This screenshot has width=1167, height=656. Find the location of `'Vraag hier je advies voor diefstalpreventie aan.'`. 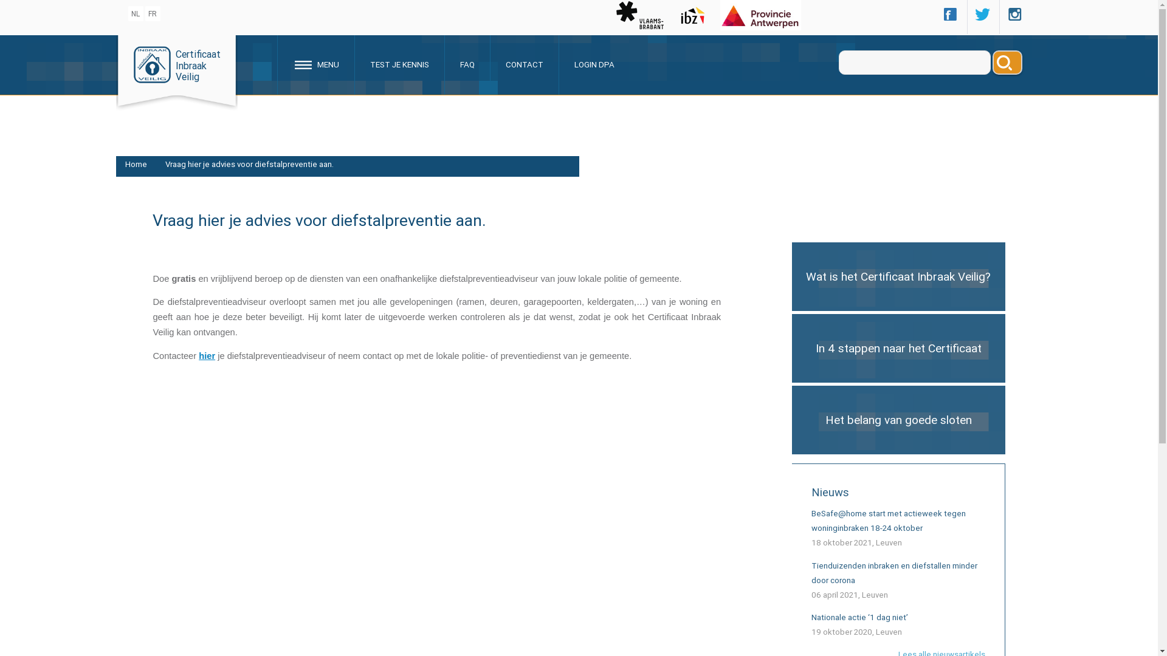

'Vraag hier je advies voor diefstalpreventie aan.' is located at coordinates (249, 164).